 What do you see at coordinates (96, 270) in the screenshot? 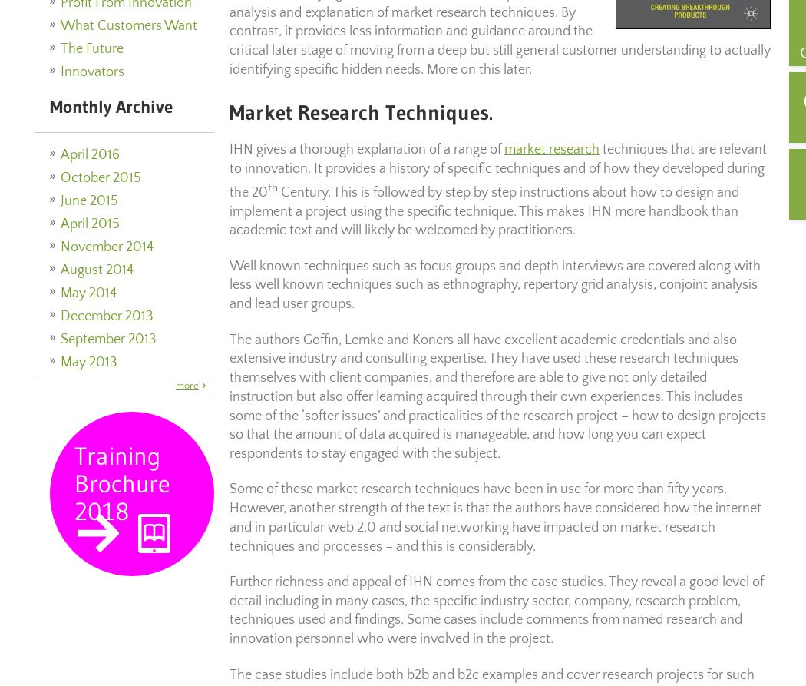
I see `'August 2014'` at bounding box center [96, 270].